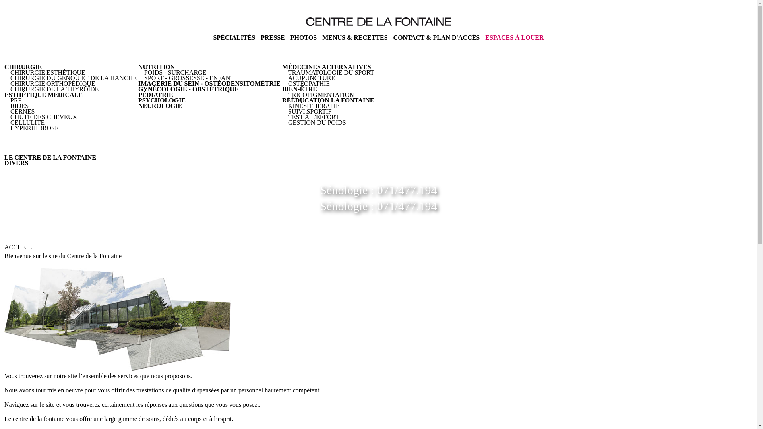  What do you see at coordinates (309, 111) in the screenshot?
I see `'SUIVI SPORTIF'` at bounding box center [309, 111].